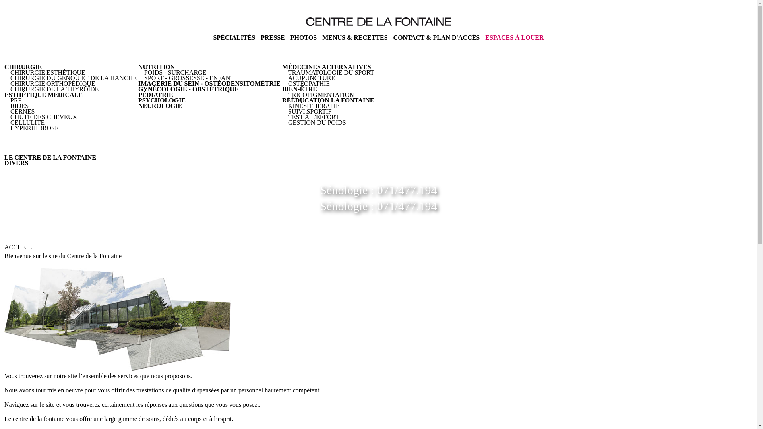  What do you see at coordinates (309, 111) in the screenshot?
I see `'SUIVI SPORTIF'` at bounding box center [309, 111].